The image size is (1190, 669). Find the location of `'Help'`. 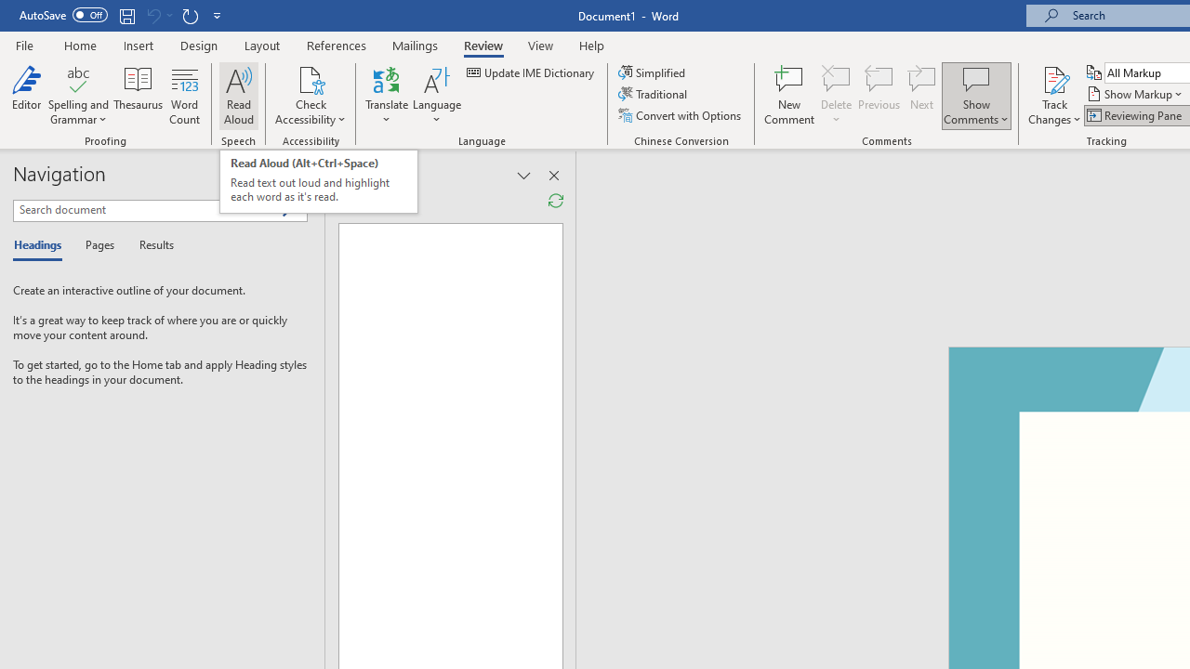

'Help' is located at coordinates (591, 45).